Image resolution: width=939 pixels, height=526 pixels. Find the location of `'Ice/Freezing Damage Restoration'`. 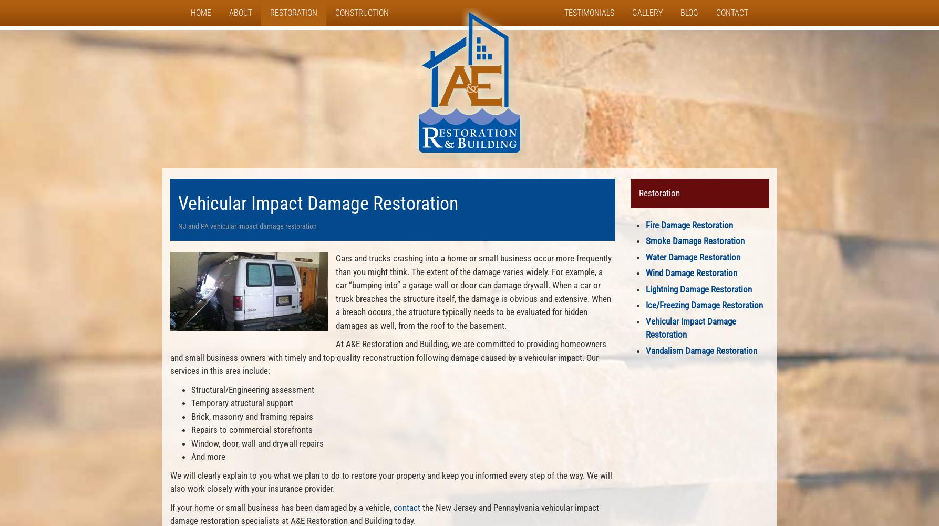

'Ice/Freezing Damage Restoration' is located at coordinates (645, 305).